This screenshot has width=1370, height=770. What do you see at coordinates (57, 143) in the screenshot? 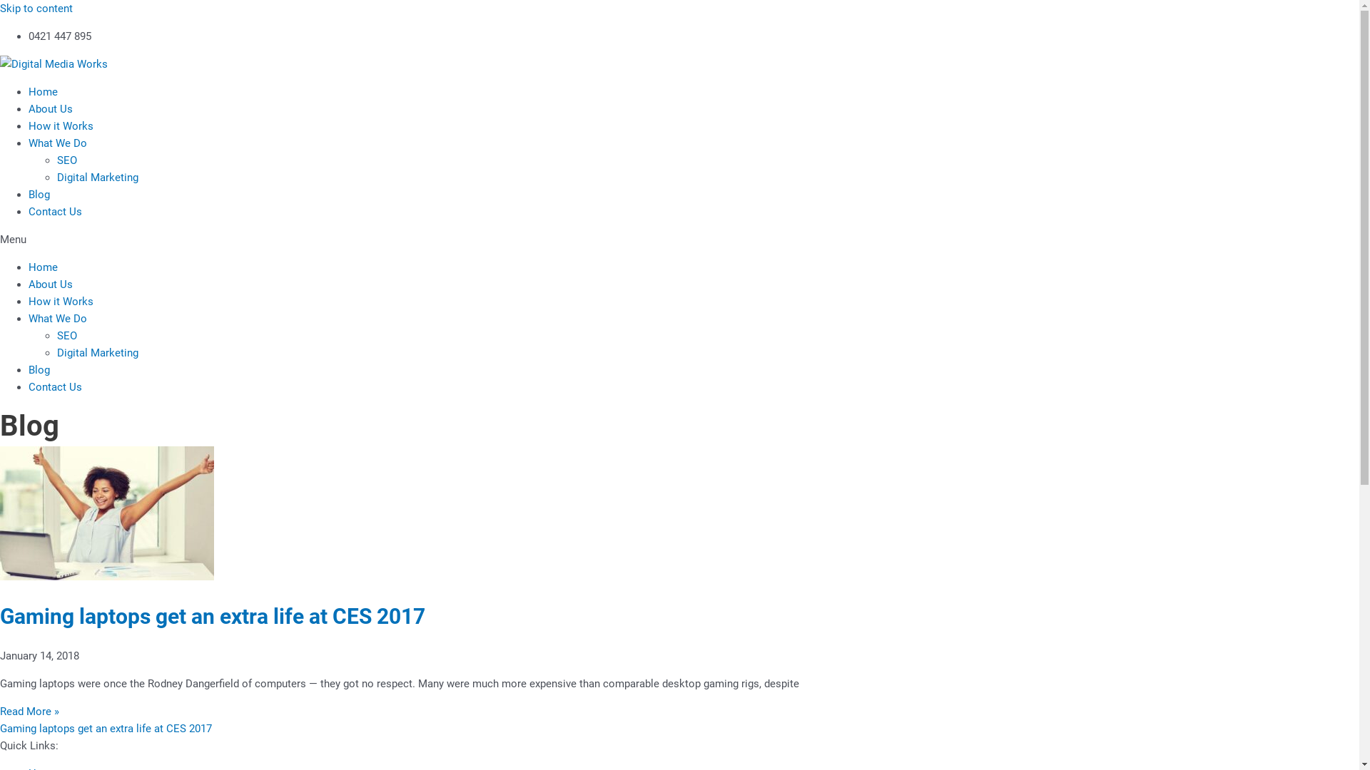
I see `'What We Do'` at bounding box center [57, 143].